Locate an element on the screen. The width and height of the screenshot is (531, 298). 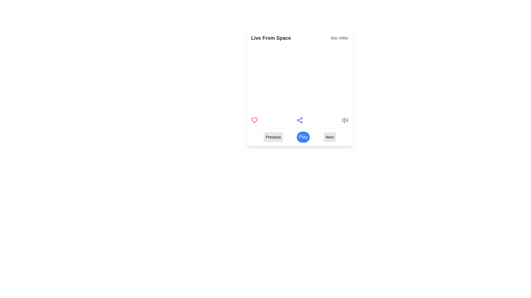
the text label displaying 'Live From Space', which is prominently styled in dark bold font and positioned above the subtitle 'Mac Miller' is located at coordinates (271, 38).